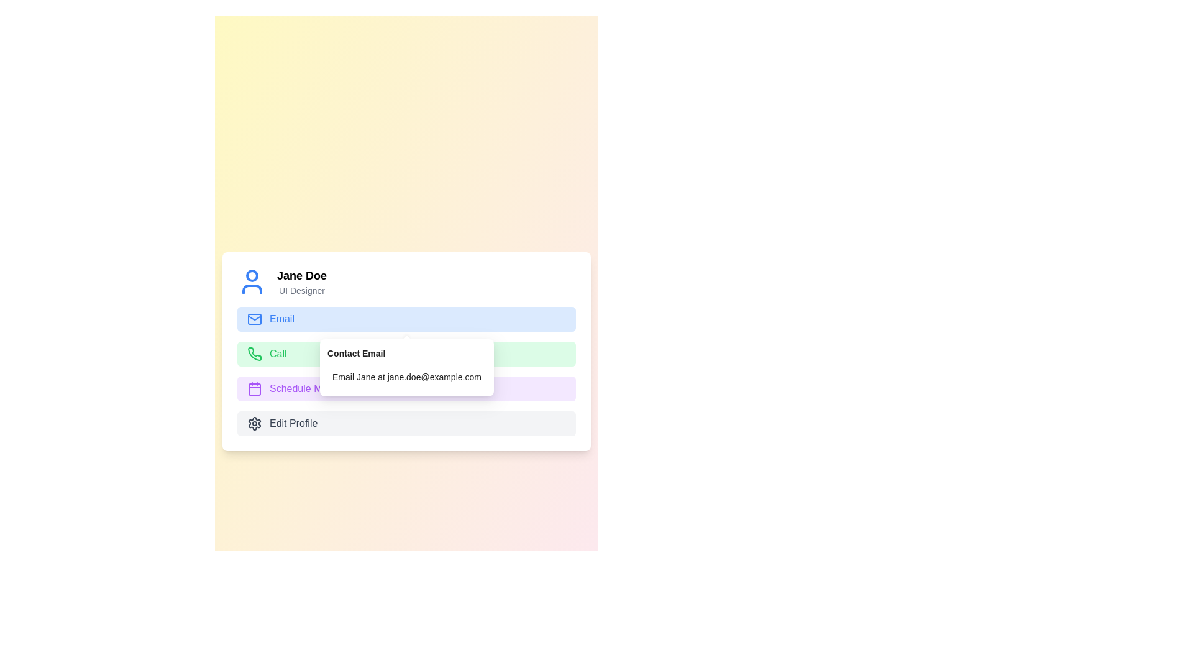 This screenshot has width=1193, height=671. What do you see at coordinates (254, 354) in the screenshot?
I see `the phone icon located to the left of the word 'Call', which represents telecommunication actions` at bounding box center [254, 354].